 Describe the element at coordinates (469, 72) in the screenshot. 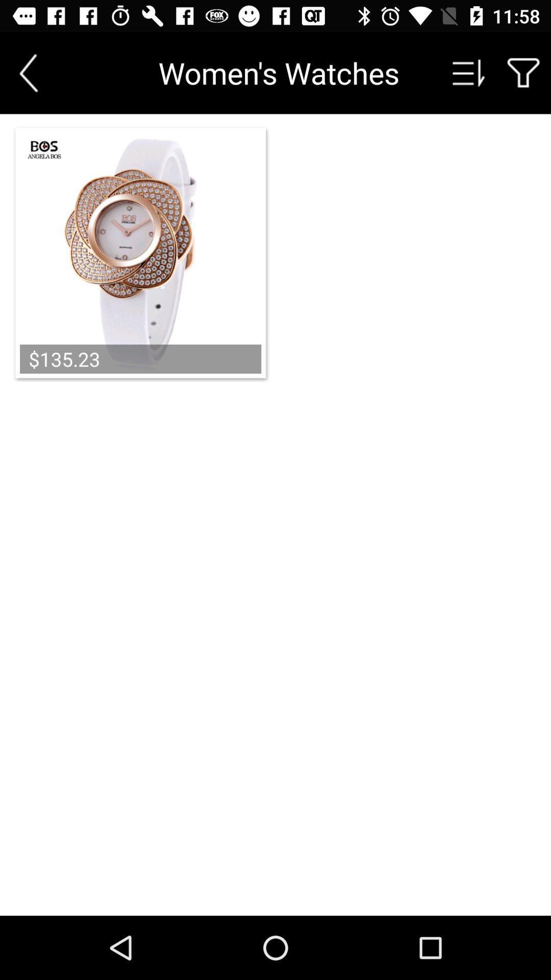

I see `the filter_list icon` at that location.